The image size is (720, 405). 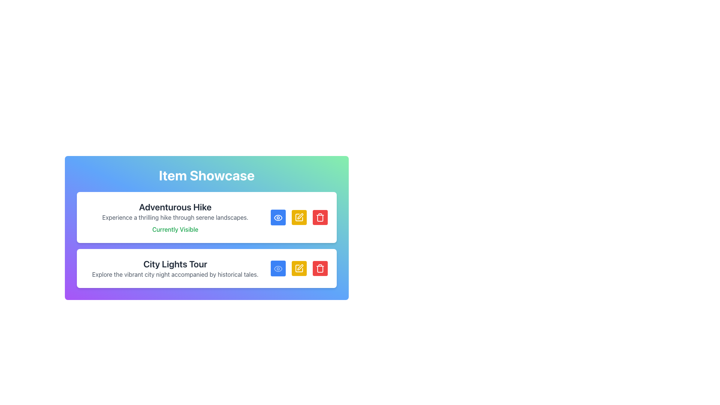 What do you see at coordinates (298, 217) in the screenshot?
I see `the edit button located in the first row of the main showcase component, positioned to the right of the text 'Adventurous Hike', as it is the second icon from the left in a group of three icons` at bounding box center [298, 217].